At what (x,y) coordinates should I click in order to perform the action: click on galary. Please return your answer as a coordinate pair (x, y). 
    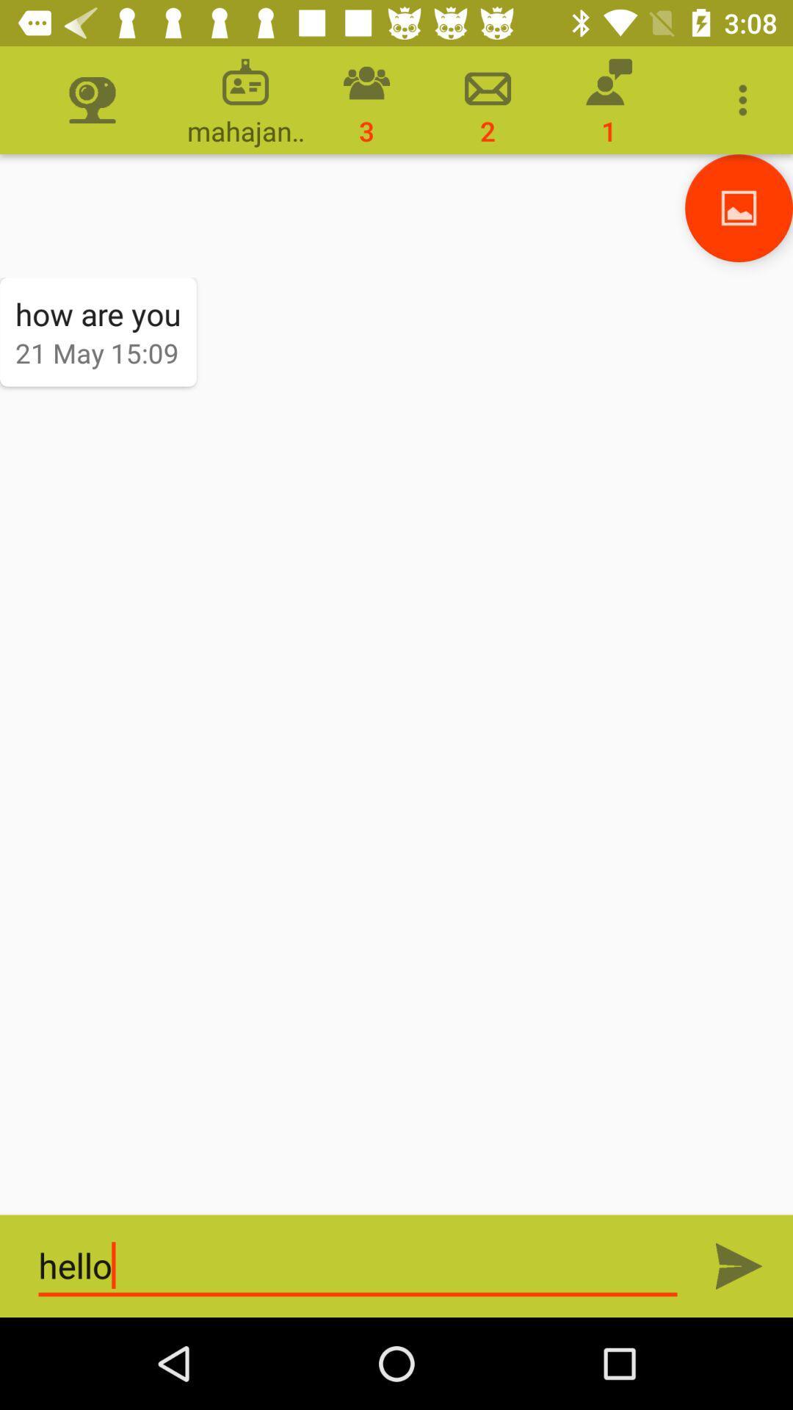
    Looking at the image, I should click on (739, 207).